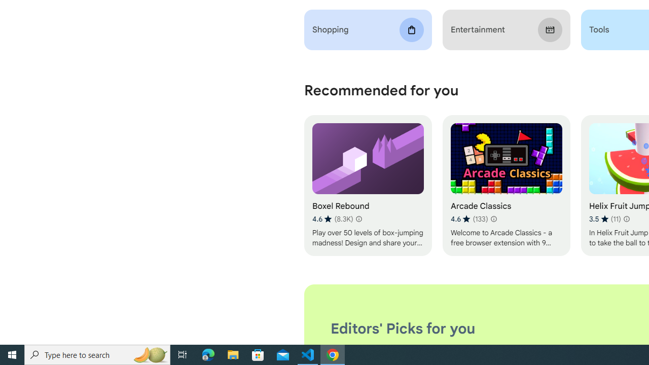 Image resolution: width=649 pixels, height=365 pixels. Describe the element at coordinates (506, 29) in the screenshot. I see `'Entertainment'` at that location.